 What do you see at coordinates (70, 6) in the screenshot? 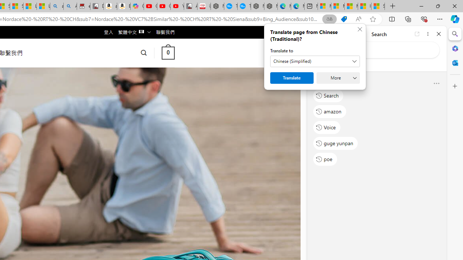
I see `'Amazon Echo Dot PNG - Search Images'` at bounding box center [70, 6].